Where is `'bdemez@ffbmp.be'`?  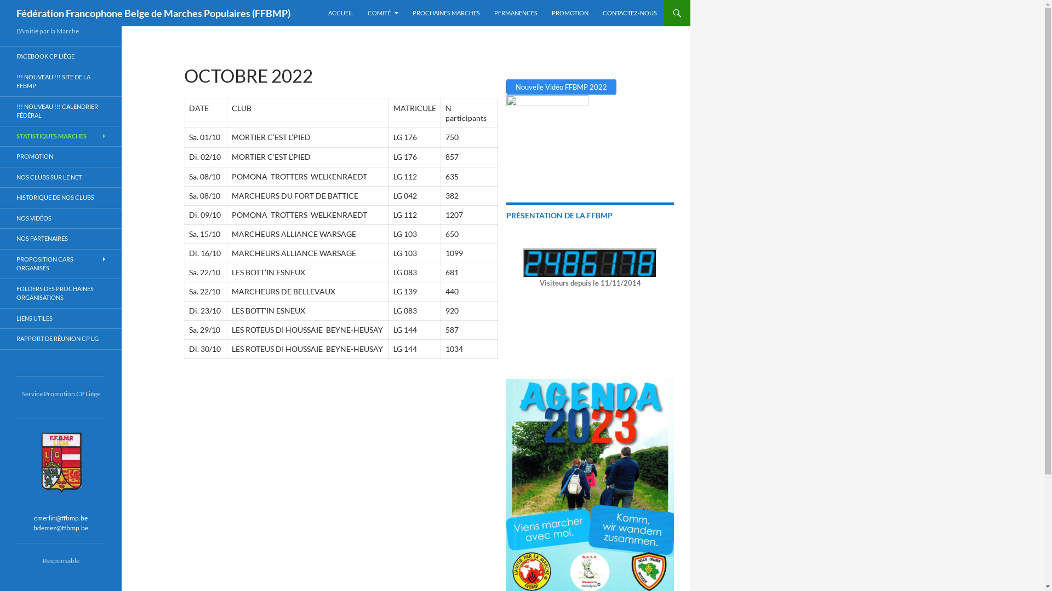
'bdemez@ffbmp.be' is located at coordinates (60, 526).